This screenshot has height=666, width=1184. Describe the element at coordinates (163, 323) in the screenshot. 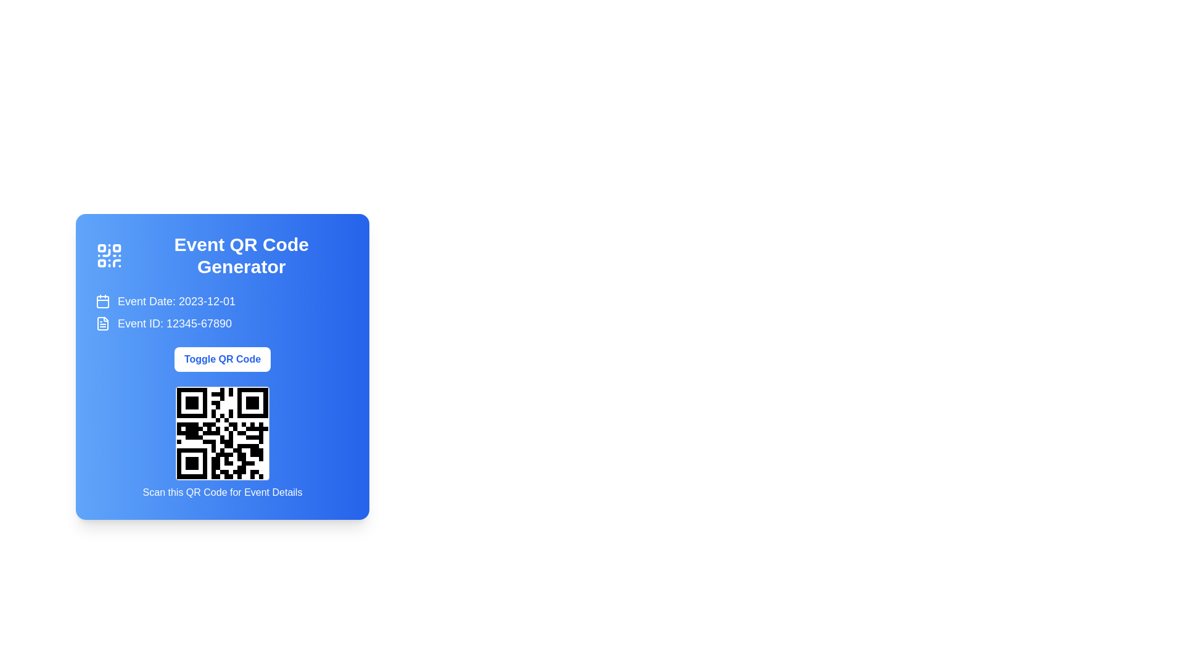

I see `the 'Event ID' Label with an icon, which provides information about the event's unique identifier, located below the 'Event Date' row in a vertical stack` at that location.